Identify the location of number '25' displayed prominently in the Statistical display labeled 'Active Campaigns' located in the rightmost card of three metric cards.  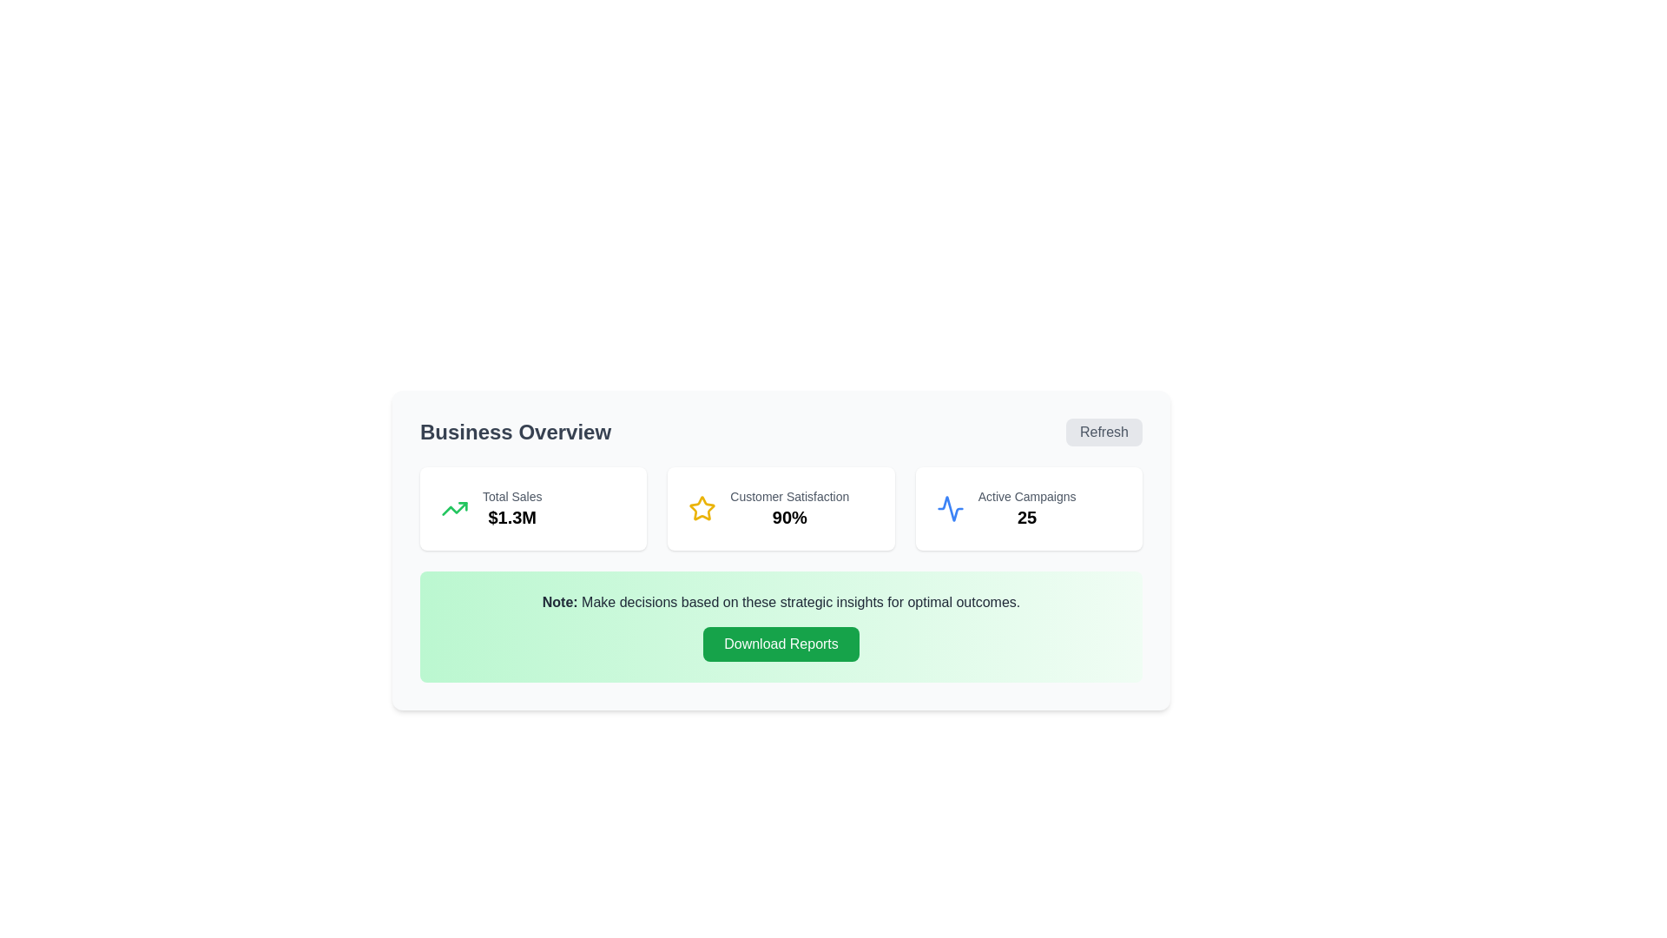
(1027, 508).